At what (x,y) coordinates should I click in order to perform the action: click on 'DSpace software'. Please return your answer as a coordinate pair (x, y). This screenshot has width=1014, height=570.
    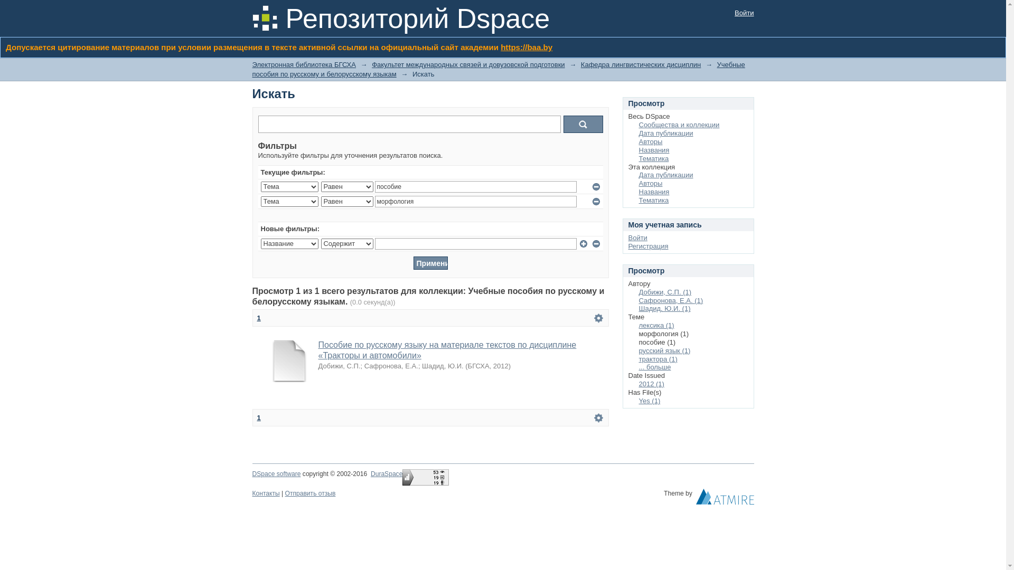
    Looking at the image, I should click on (276, 473).